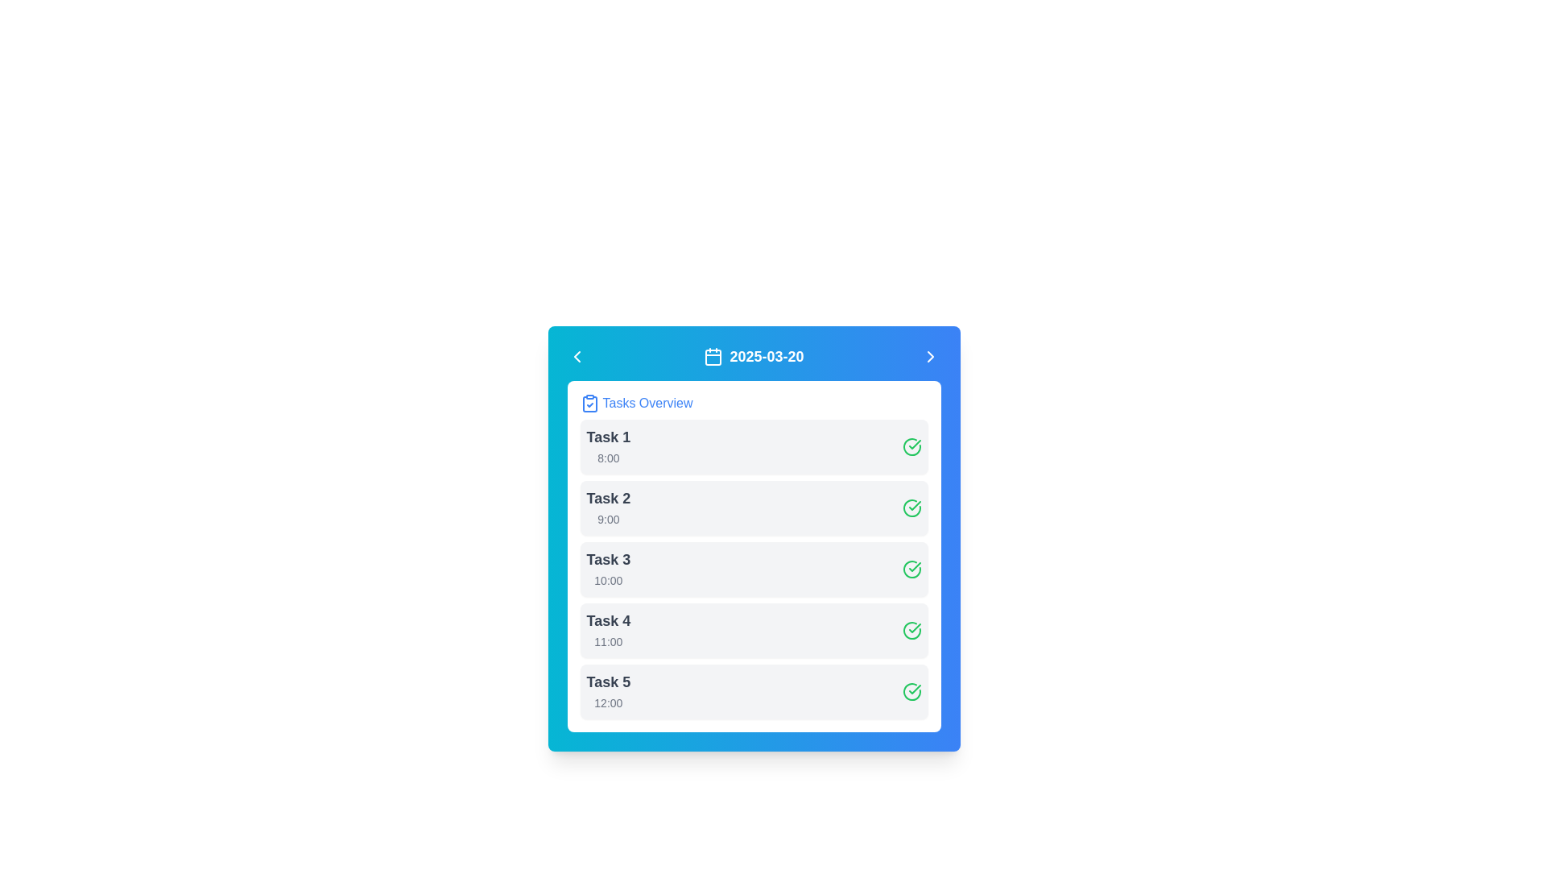 The height and width of the screenshot is (870, 1546). What do you see at coordinates (607, 568) in the screenshot?
I see `the text label displaying 'Task 3' with the time '10:00' located in the third item of a vertically arranged list` at bounding box center [607, 568].